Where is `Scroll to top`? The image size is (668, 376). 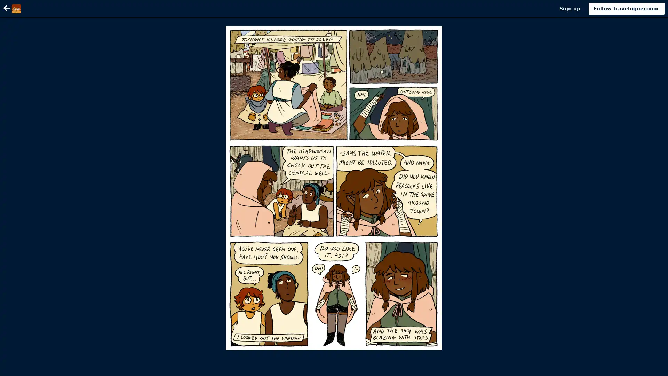
Scroll to top is located at coordinates (654, 368).